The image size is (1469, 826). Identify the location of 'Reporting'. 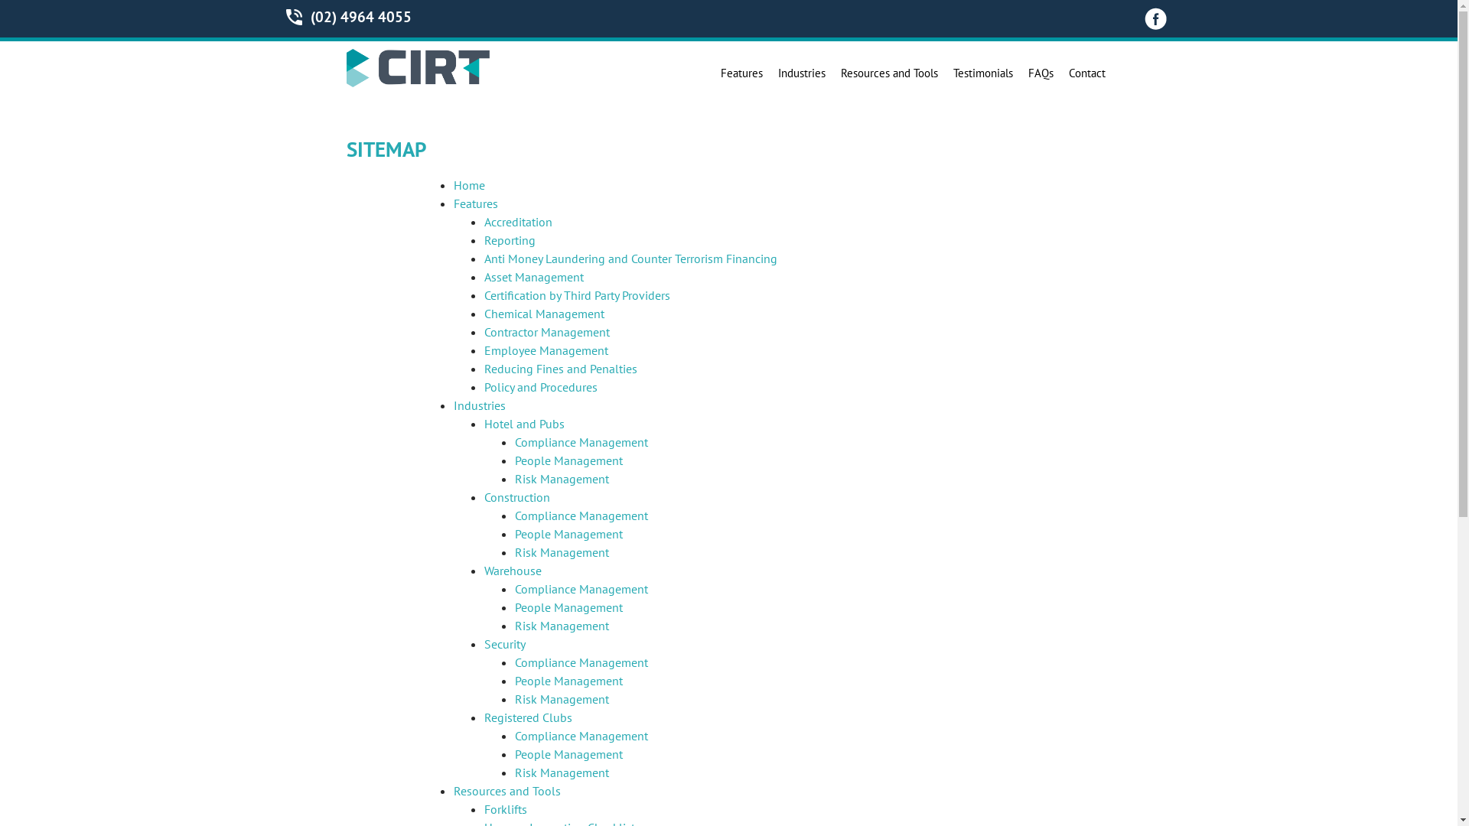
(509, 239).